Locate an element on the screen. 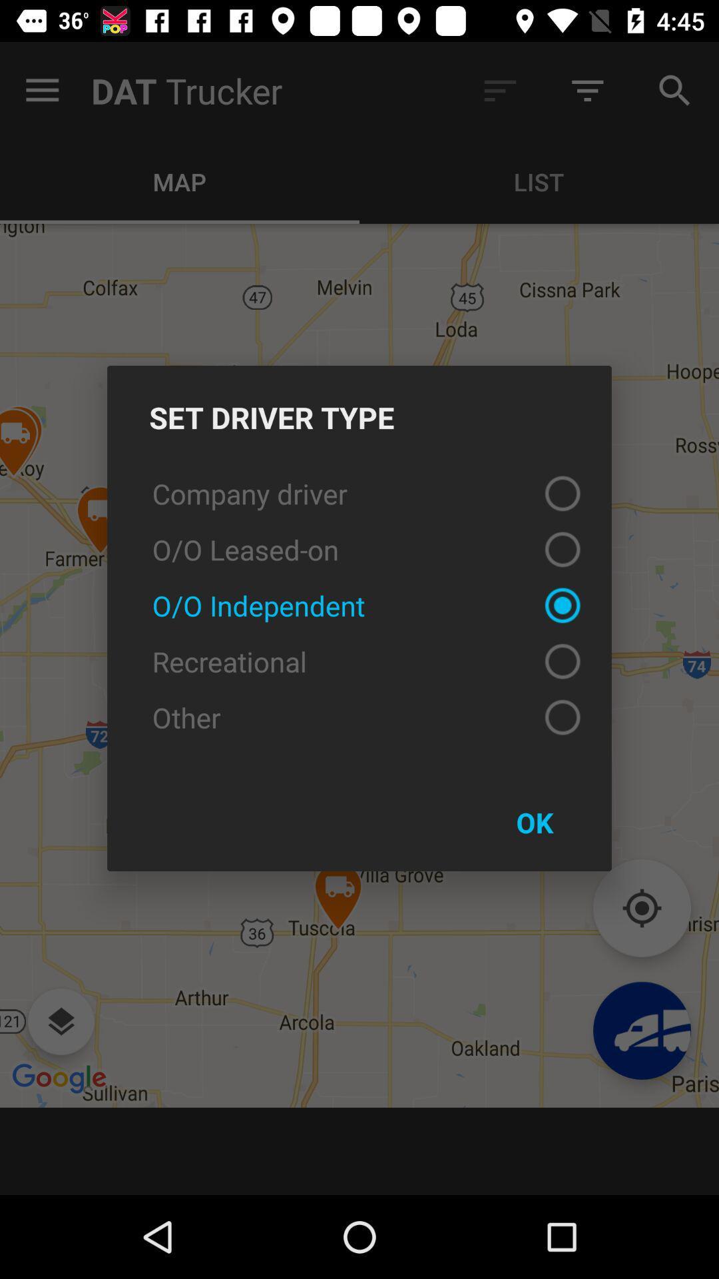 The image size is (719, 1279). icon above other is located at coordinates (359, 661).